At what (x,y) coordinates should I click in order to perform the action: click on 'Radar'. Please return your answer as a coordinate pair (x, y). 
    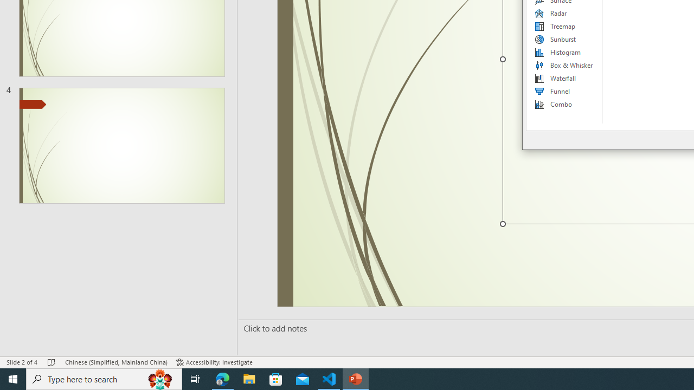
    Looking at the image, I should click on (564, 13).